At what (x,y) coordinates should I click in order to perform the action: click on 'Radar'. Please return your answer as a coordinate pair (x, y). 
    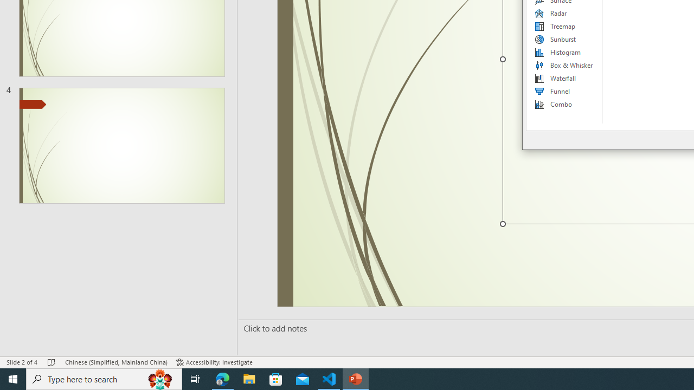
    Looking at the image, I should click on (564, 13).